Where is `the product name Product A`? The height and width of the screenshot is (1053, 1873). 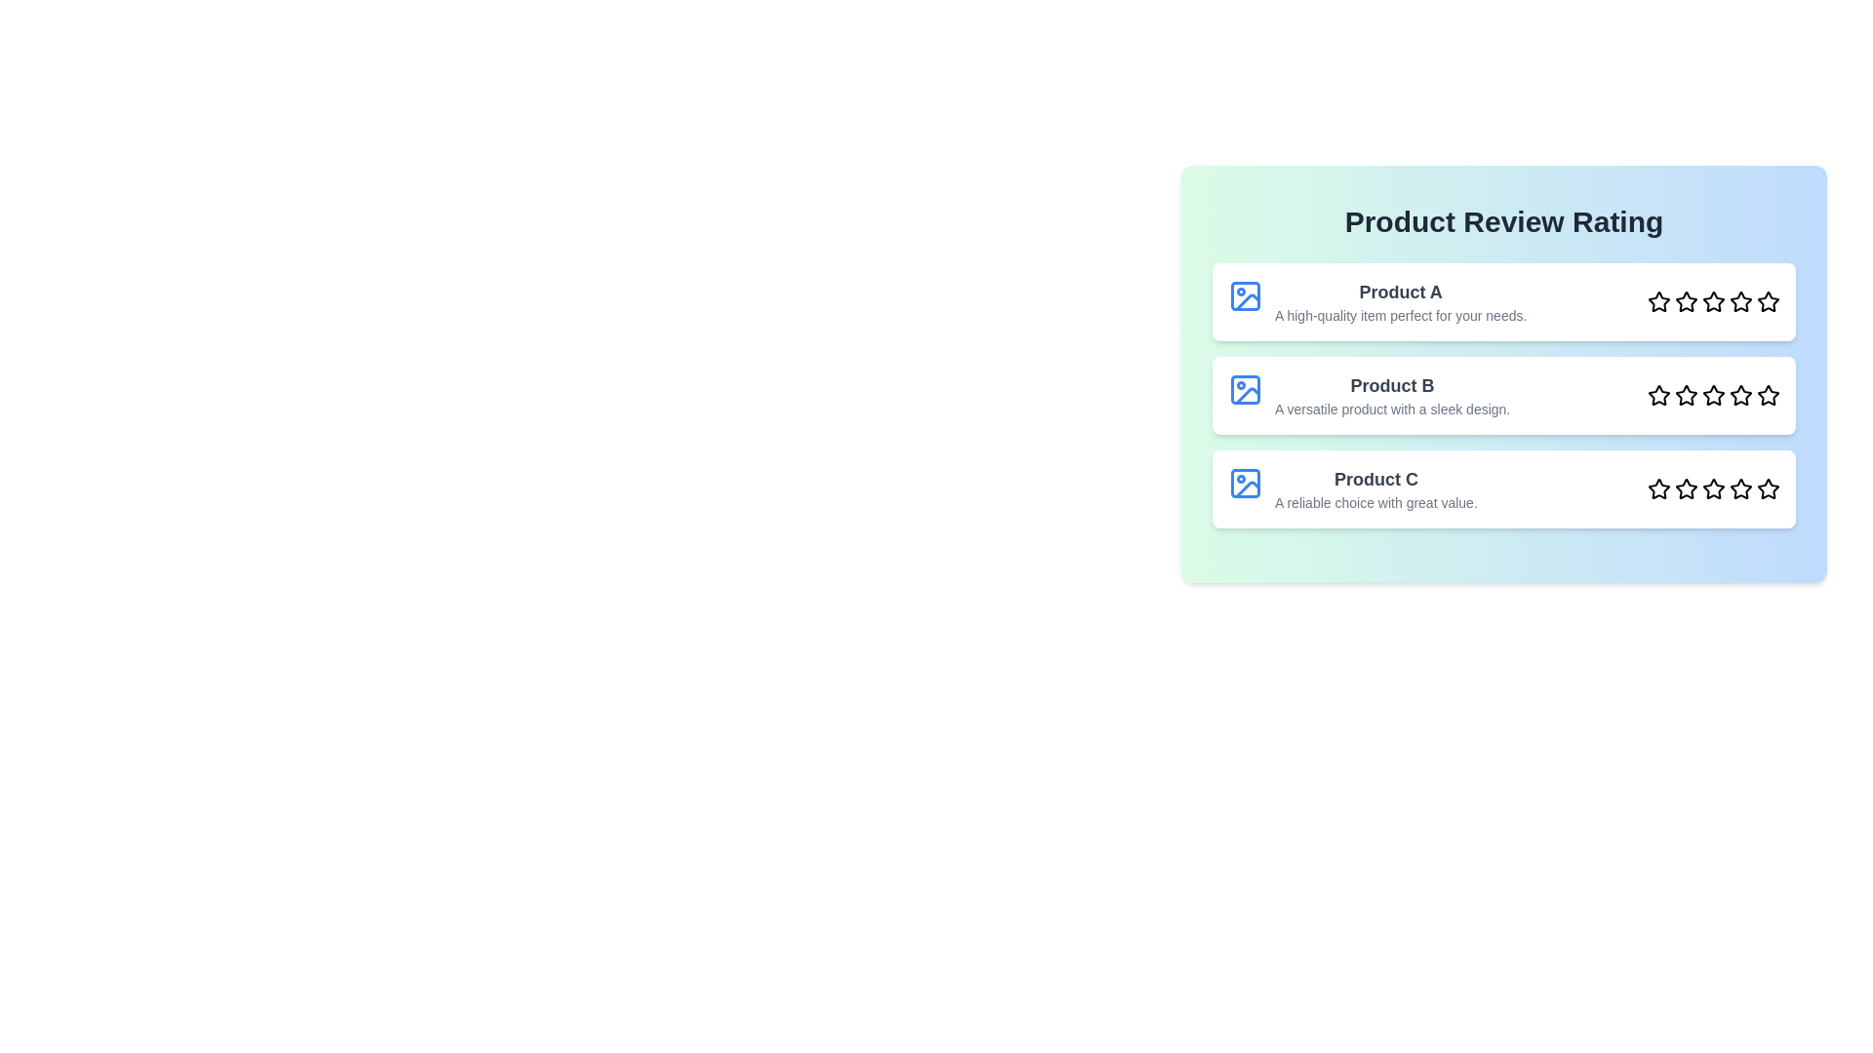 the product name Product A is located at coordinates (1399, 292).